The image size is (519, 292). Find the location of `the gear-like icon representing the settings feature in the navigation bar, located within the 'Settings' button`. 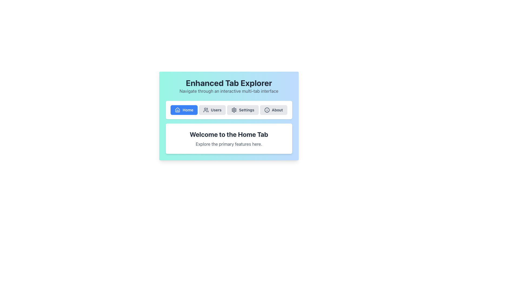

the gear-like icon representing the settings feature in the navigation bar, located within the 'Settings' button is located at coordinates (234, 110).